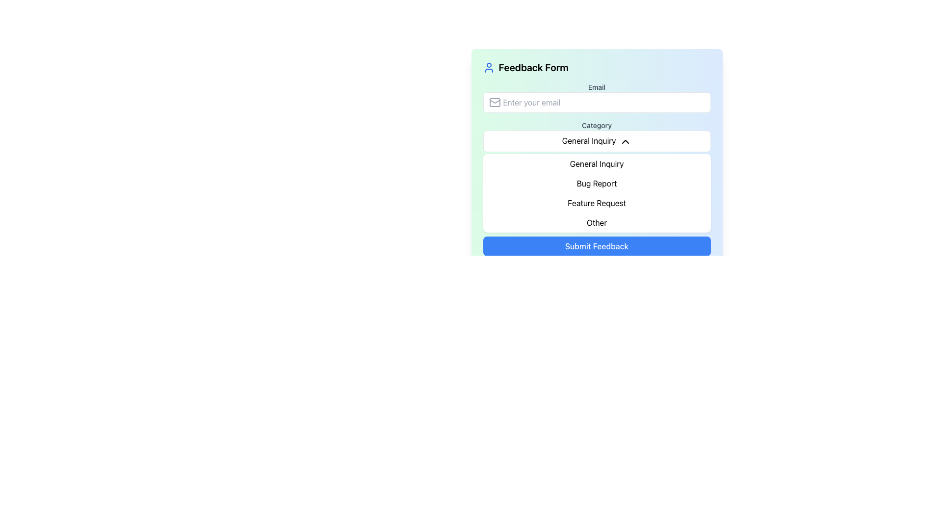 This screenshot has height=530, width=942. I want to click on the 'Other' option in the dropdown menu located in the 'Category' section of the form, so click(596, 222).